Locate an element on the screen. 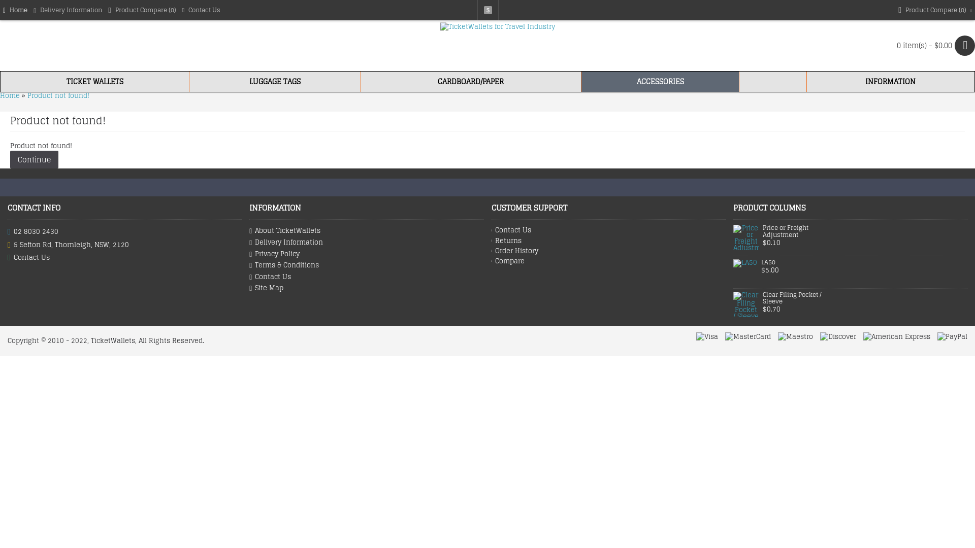  'Price or Freight Adjustment' is located at coordinates (798, 231).